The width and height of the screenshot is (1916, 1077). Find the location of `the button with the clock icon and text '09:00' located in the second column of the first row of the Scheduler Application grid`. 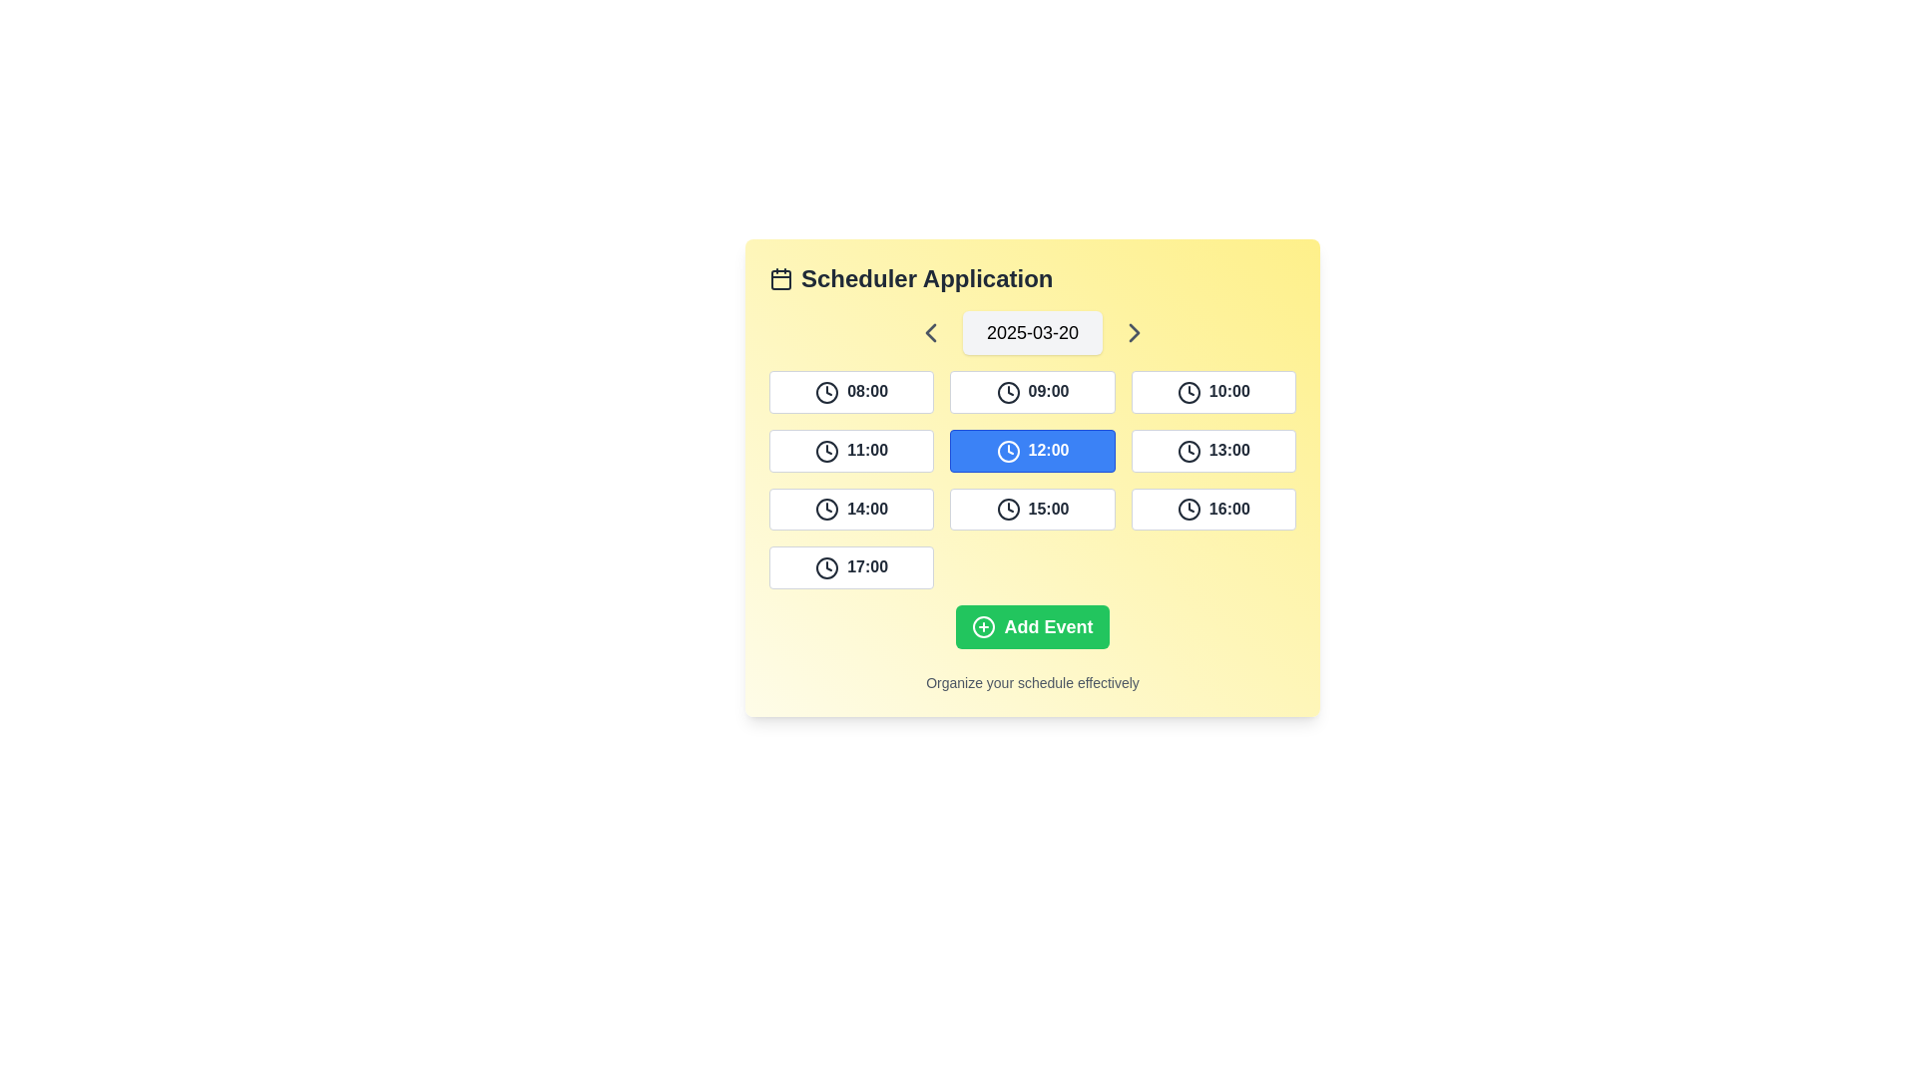

the button with the clock icon and text '09:00' located in the second column of the first row of the Scheduler Application grid is located at coordinates (1033, 392).